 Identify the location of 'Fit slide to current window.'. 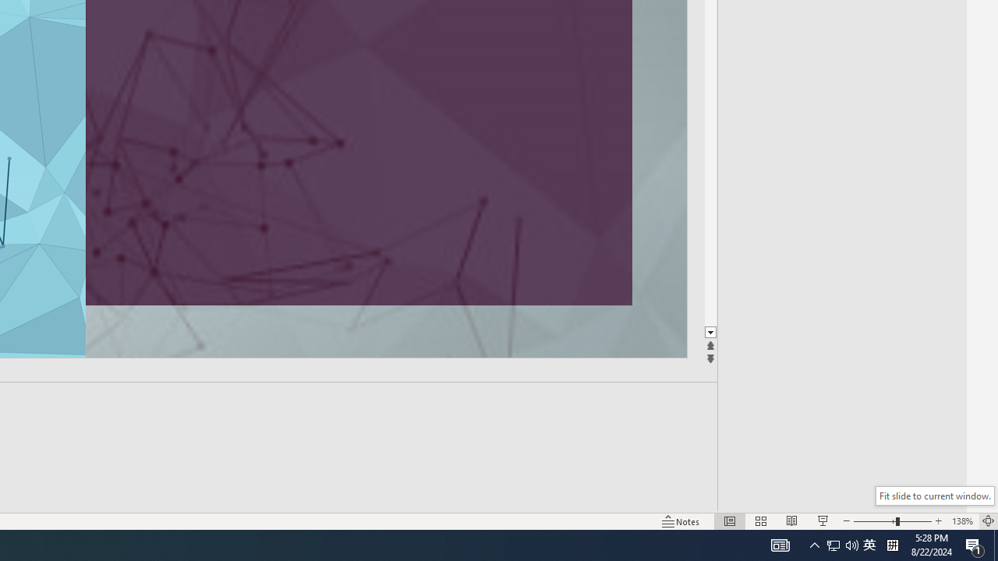
(935, 496).